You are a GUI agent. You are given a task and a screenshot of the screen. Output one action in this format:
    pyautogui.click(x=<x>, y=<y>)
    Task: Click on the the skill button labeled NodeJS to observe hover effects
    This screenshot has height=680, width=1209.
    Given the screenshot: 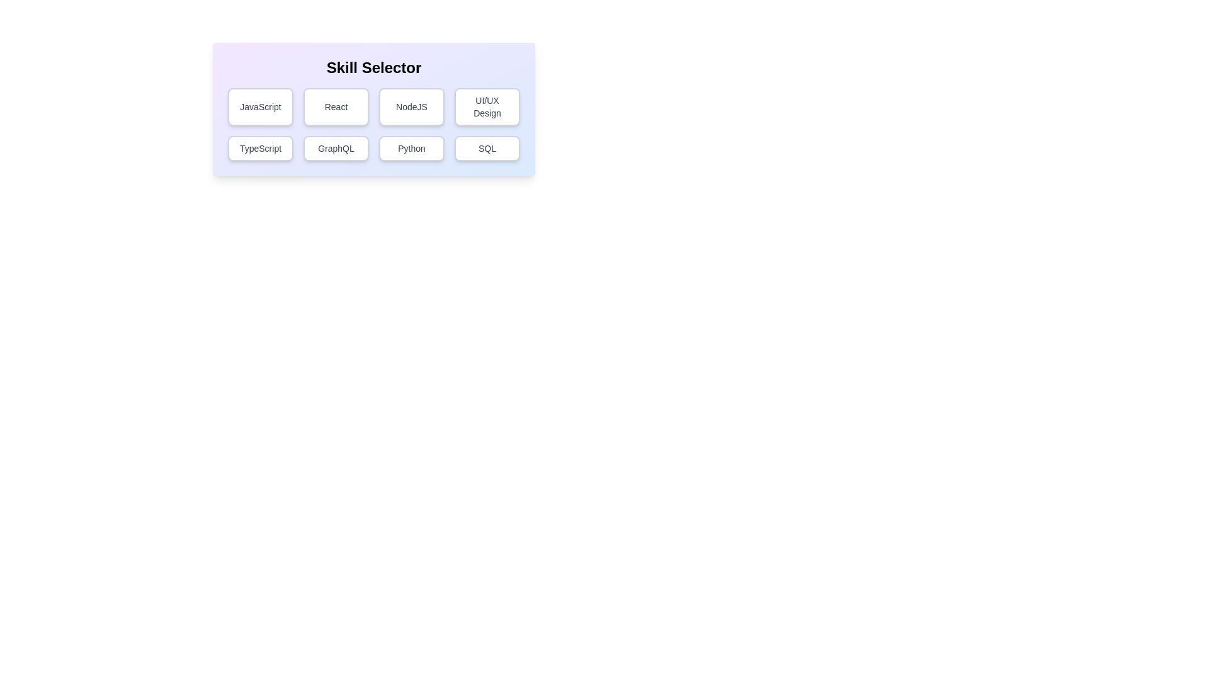 What is the action you would take?
    pyautogui.click(x=411, y=106)
    